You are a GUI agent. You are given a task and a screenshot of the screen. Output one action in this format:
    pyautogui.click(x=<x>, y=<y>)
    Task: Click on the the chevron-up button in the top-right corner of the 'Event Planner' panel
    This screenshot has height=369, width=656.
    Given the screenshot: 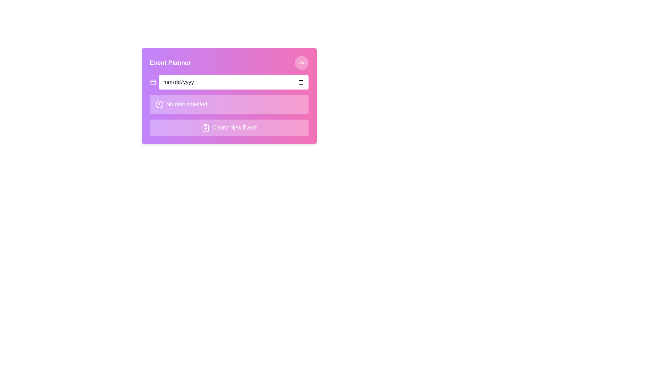 What is the action you would take?
    pyautogui.click(x=301, y=63)
    